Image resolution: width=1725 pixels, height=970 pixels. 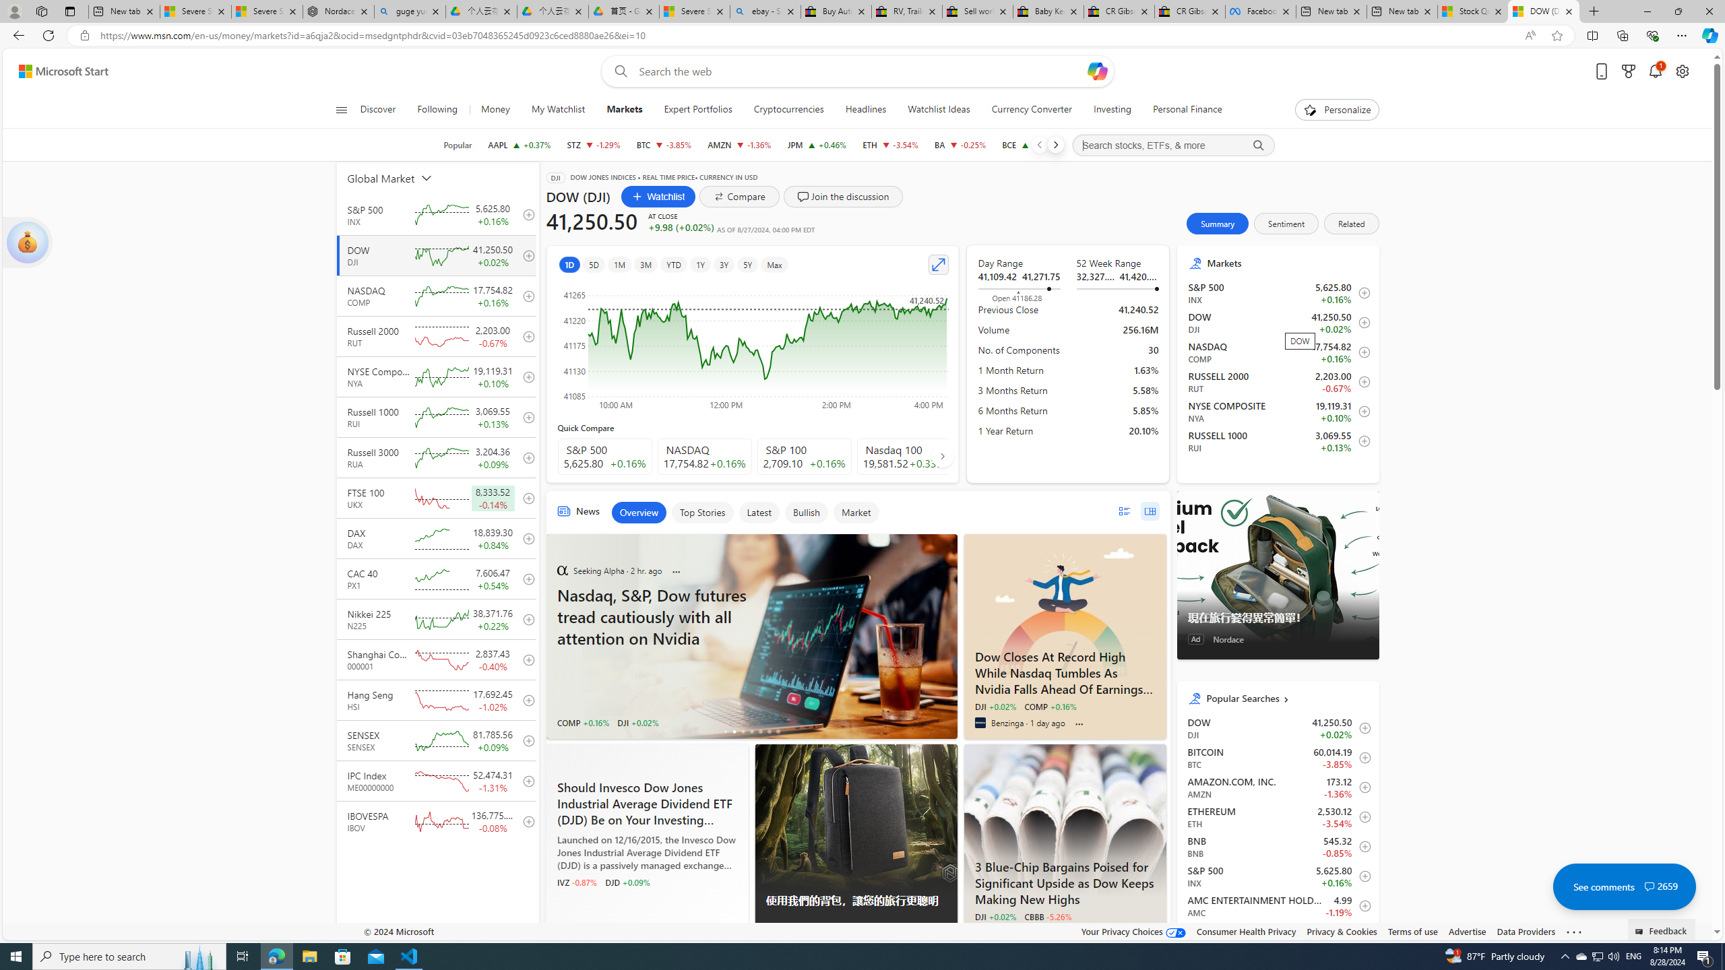 What do you see at coordinates (747, 264) in the screenshot?
I see `'5Y'` at bounding box center [747, 264].